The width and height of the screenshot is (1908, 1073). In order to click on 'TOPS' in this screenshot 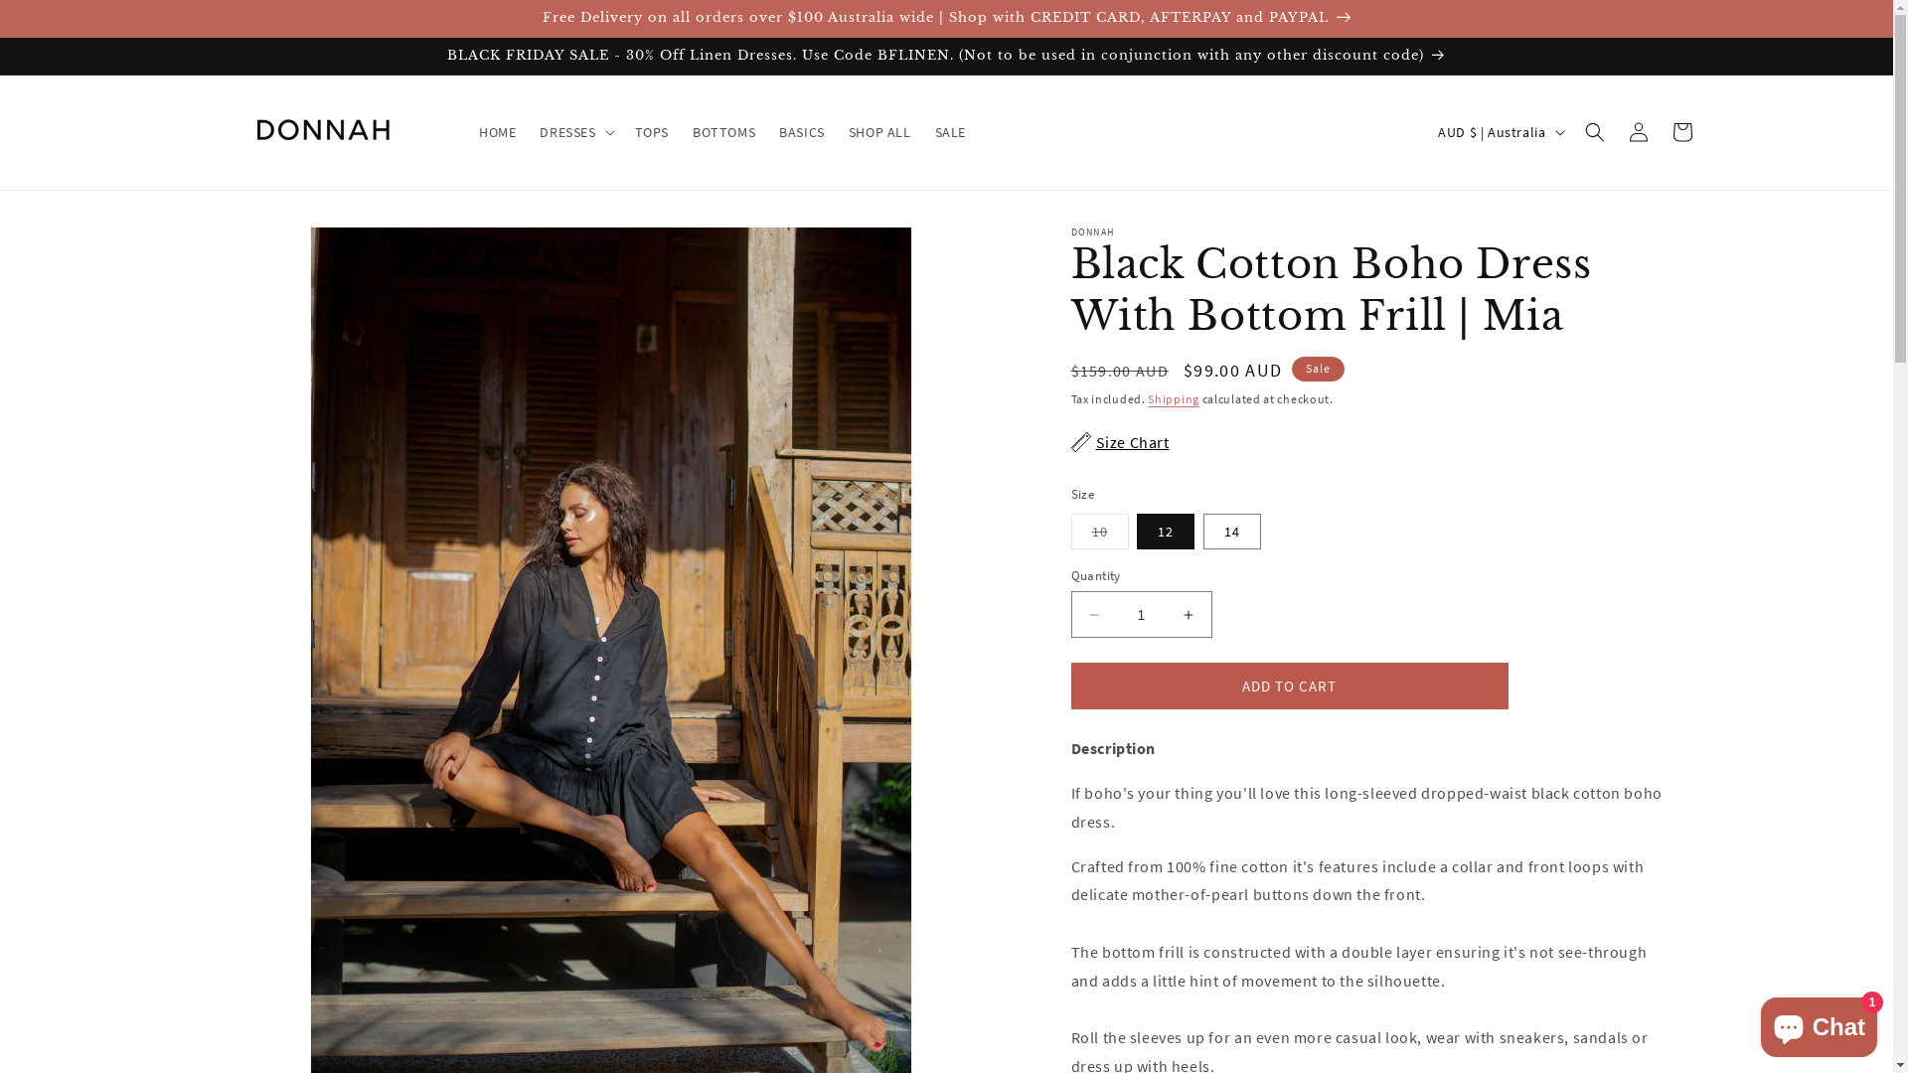, I will do `click(622, 131)`.